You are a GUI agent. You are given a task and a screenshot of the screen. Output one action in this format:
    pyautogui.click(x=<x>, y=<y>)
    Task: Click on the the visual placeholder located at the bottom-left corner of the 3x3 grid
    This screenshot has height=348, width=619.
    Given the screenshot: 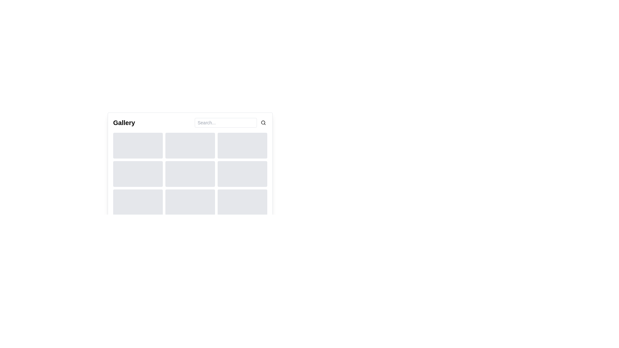 What is the action you would take?
    pyautogui.click(x=137, y=202)
    